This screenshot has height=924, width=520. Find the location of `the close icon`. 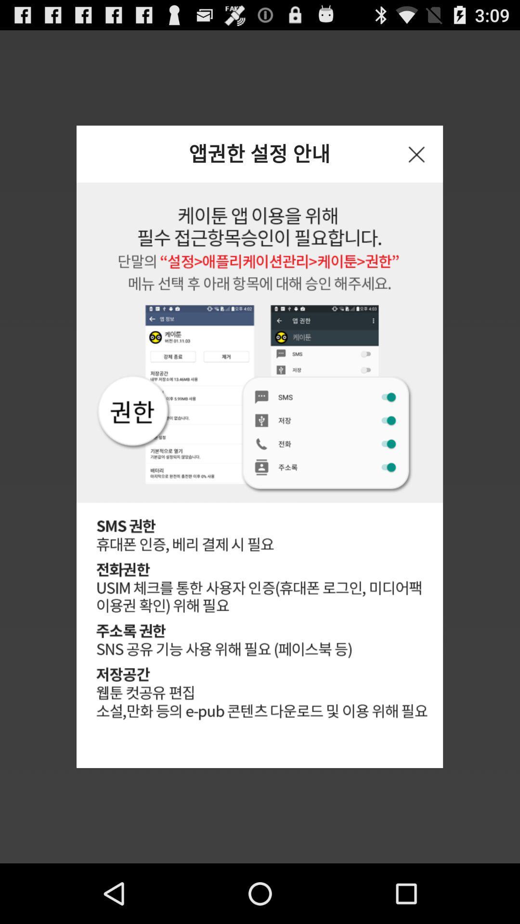

the close icon is located at coordinates (416, 165).